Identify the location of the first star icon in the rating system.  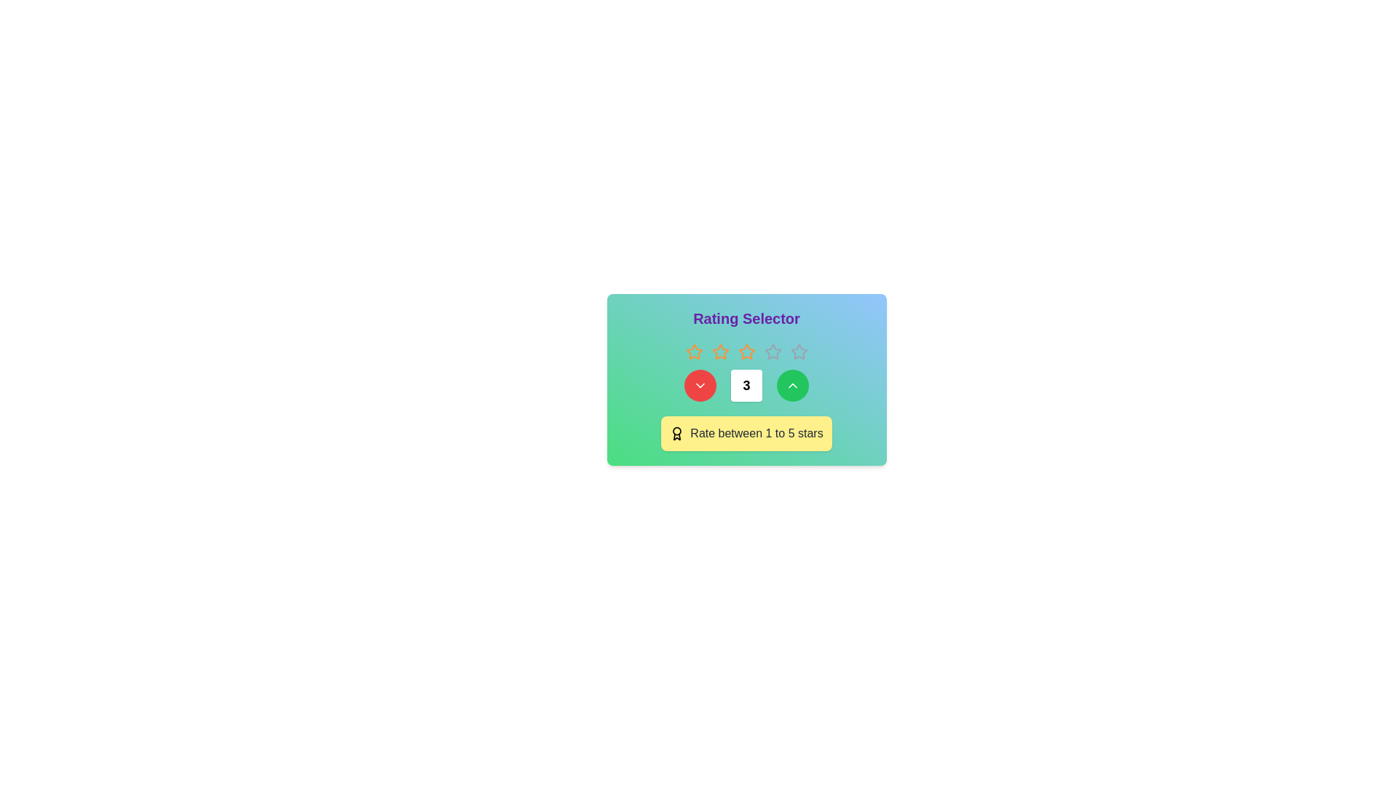
(693, 352).